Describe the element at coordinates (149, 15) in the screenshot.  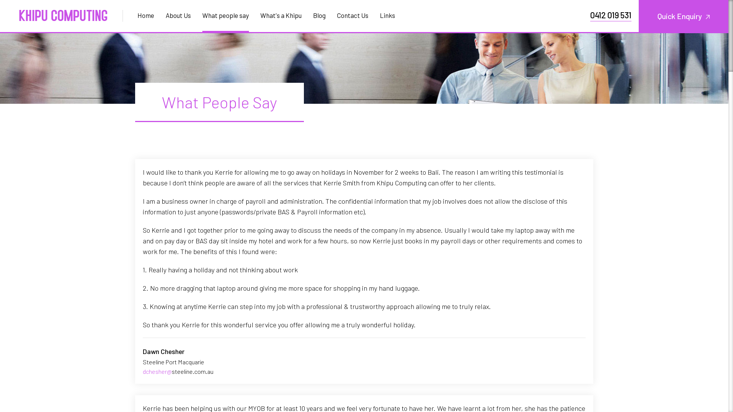
I see `'Home'` at that location.